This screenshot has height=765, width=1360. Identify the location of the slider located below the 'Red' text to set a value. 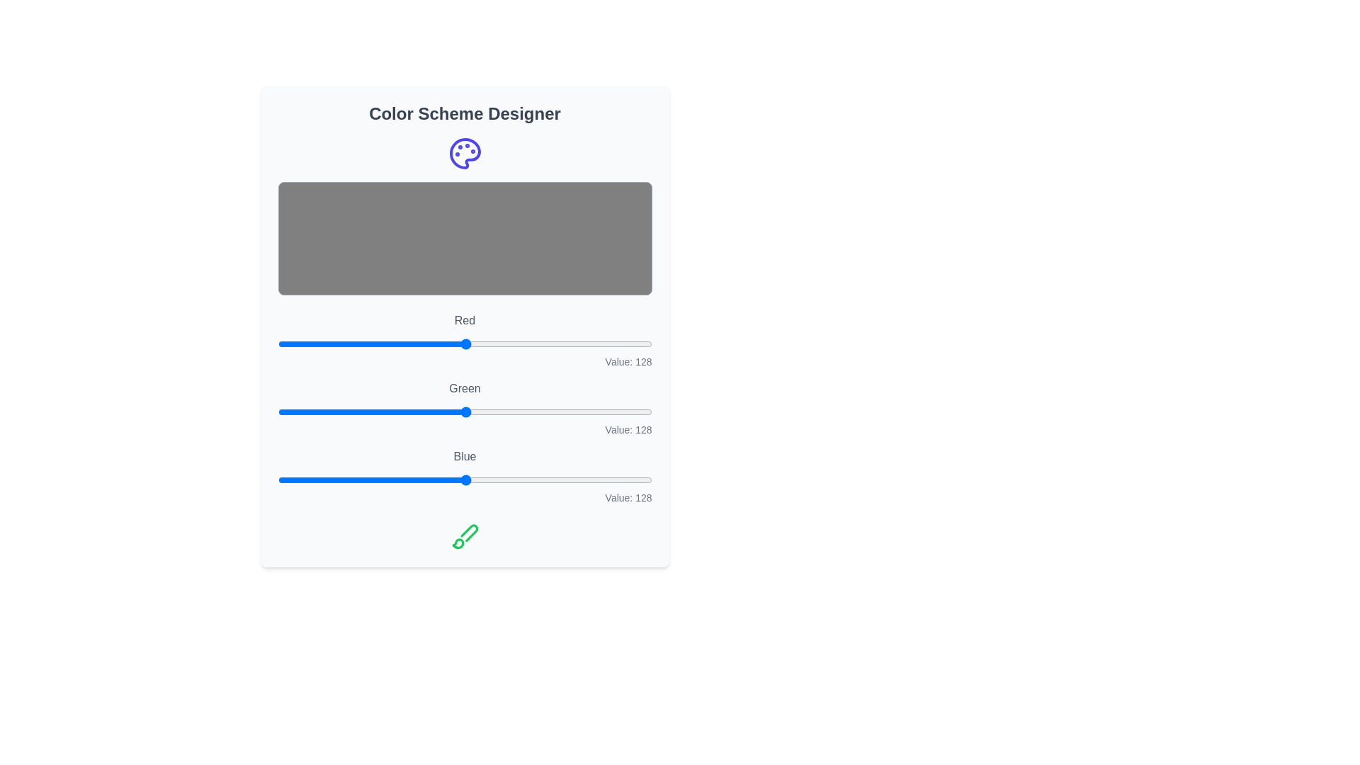
(465, 344).